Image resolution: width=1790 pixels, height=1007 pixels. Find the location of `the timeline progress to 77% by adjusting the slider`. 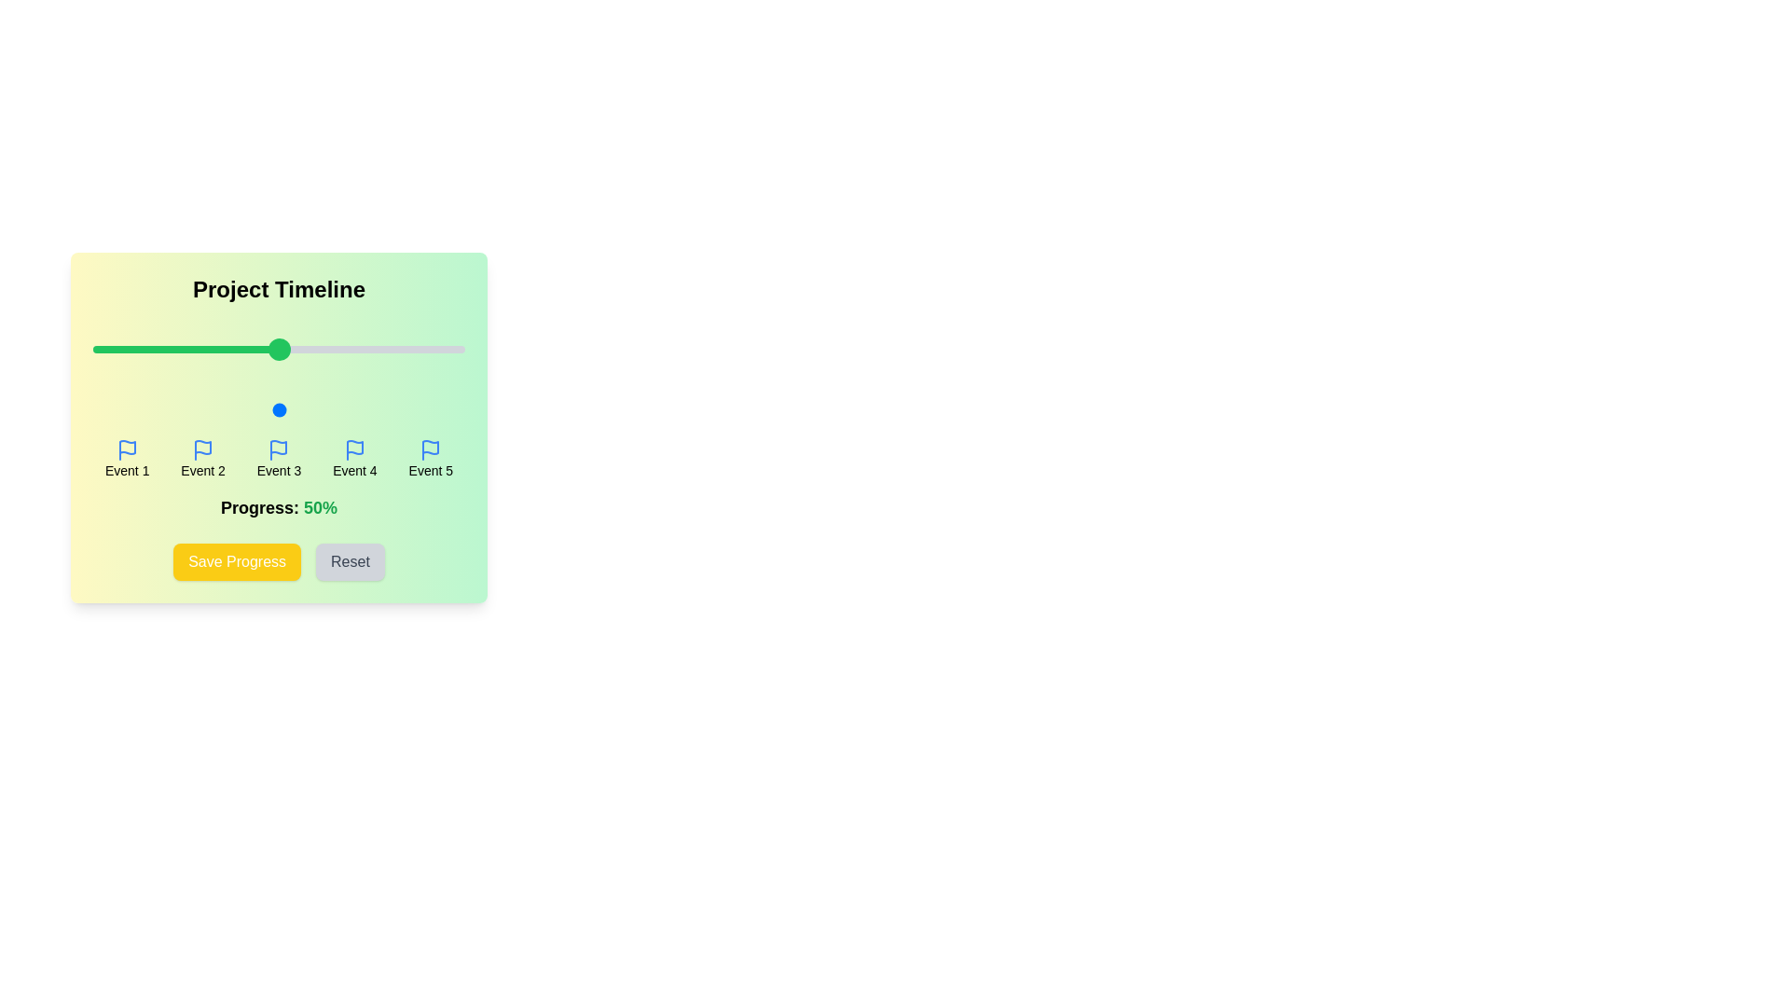

the timeline progress to 77% by adjusting the slider is located at coordinates (379, 408).